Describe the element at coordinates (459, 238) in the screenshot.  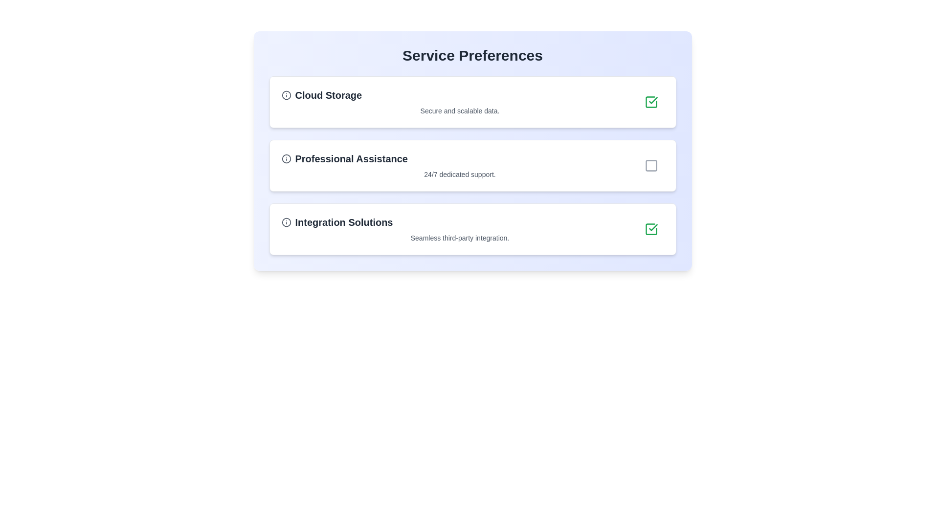
I see `the descriptive text label located at the bottom of the 'Integration Solutions' section, which provides additional context about the feature` at that location.